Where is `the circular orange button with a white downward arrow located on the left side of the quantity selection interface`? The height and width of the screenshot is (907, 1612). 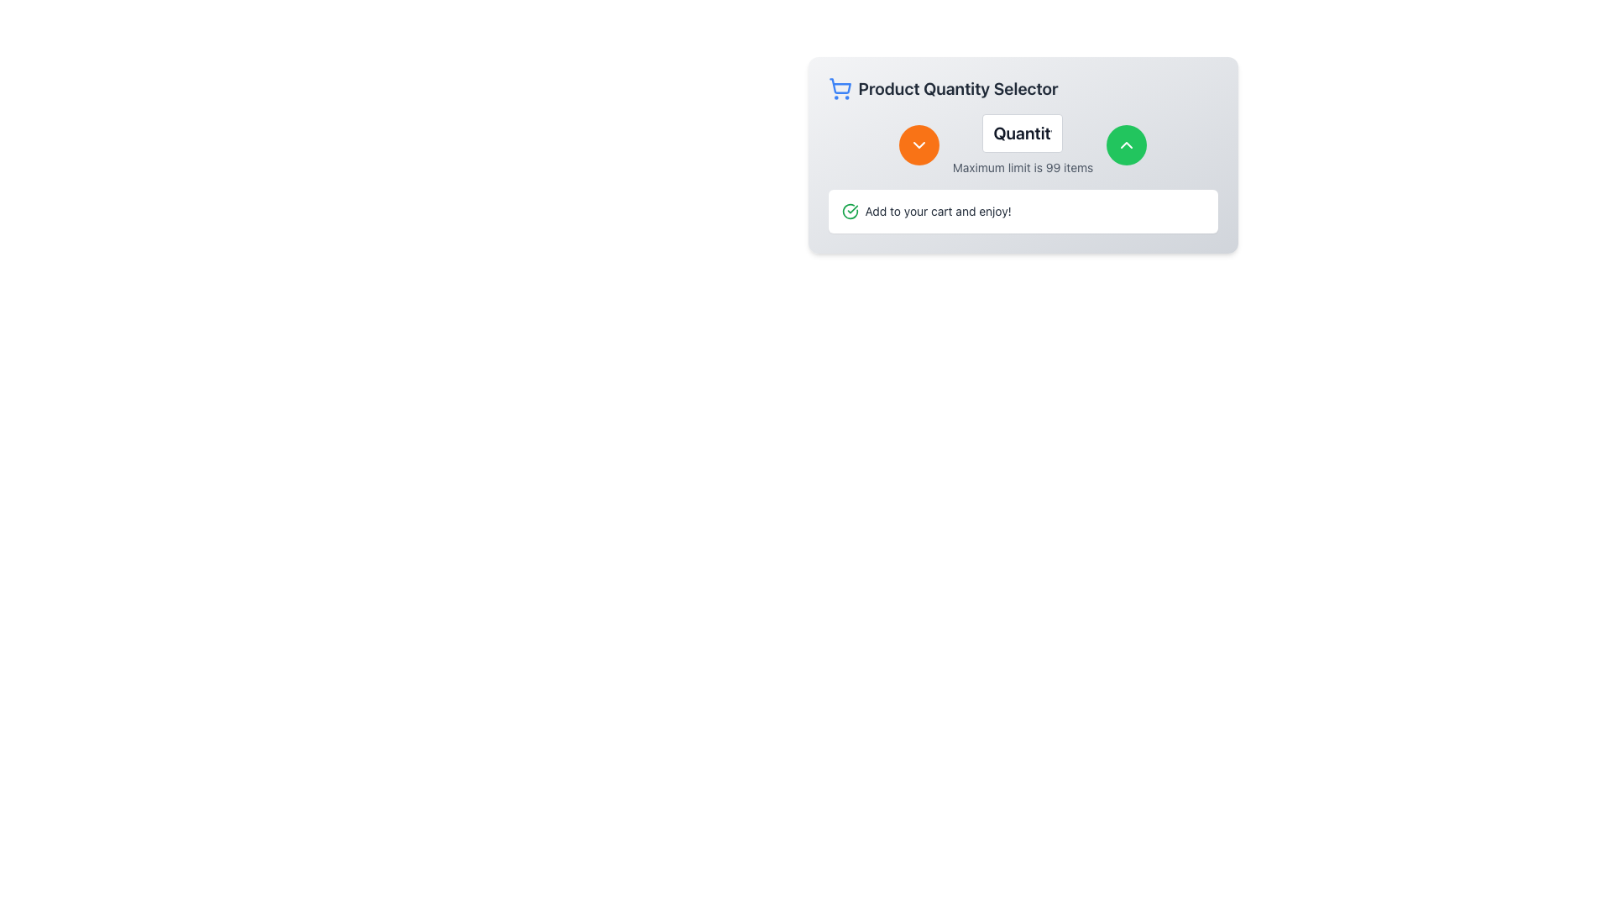
the circular orange button with a white downward arrow located on the left side of the quantity selection interface is located at coordinates (918, 144).